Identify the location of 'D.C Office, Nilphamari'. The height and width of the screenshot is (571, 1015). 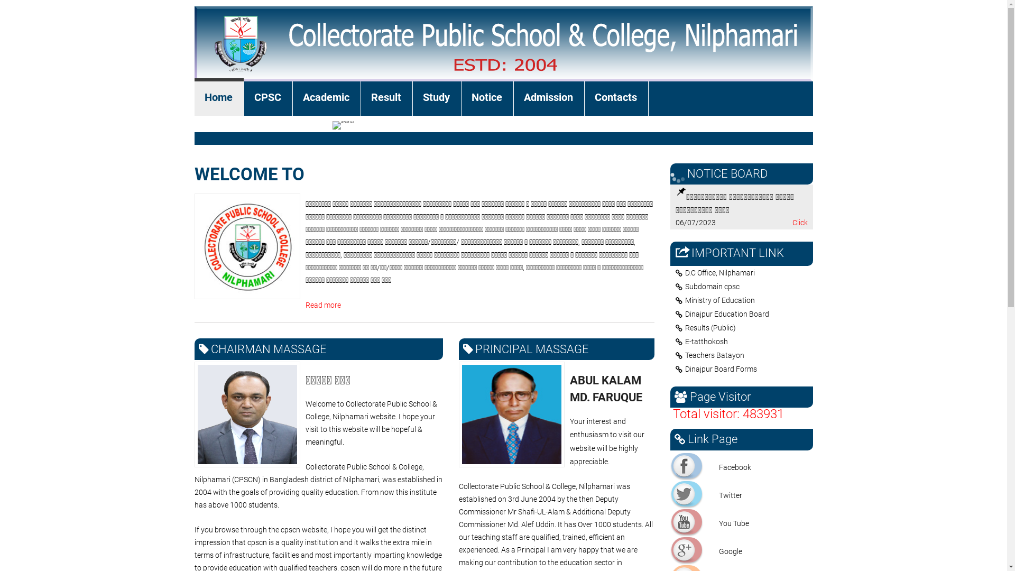
(743, 272).